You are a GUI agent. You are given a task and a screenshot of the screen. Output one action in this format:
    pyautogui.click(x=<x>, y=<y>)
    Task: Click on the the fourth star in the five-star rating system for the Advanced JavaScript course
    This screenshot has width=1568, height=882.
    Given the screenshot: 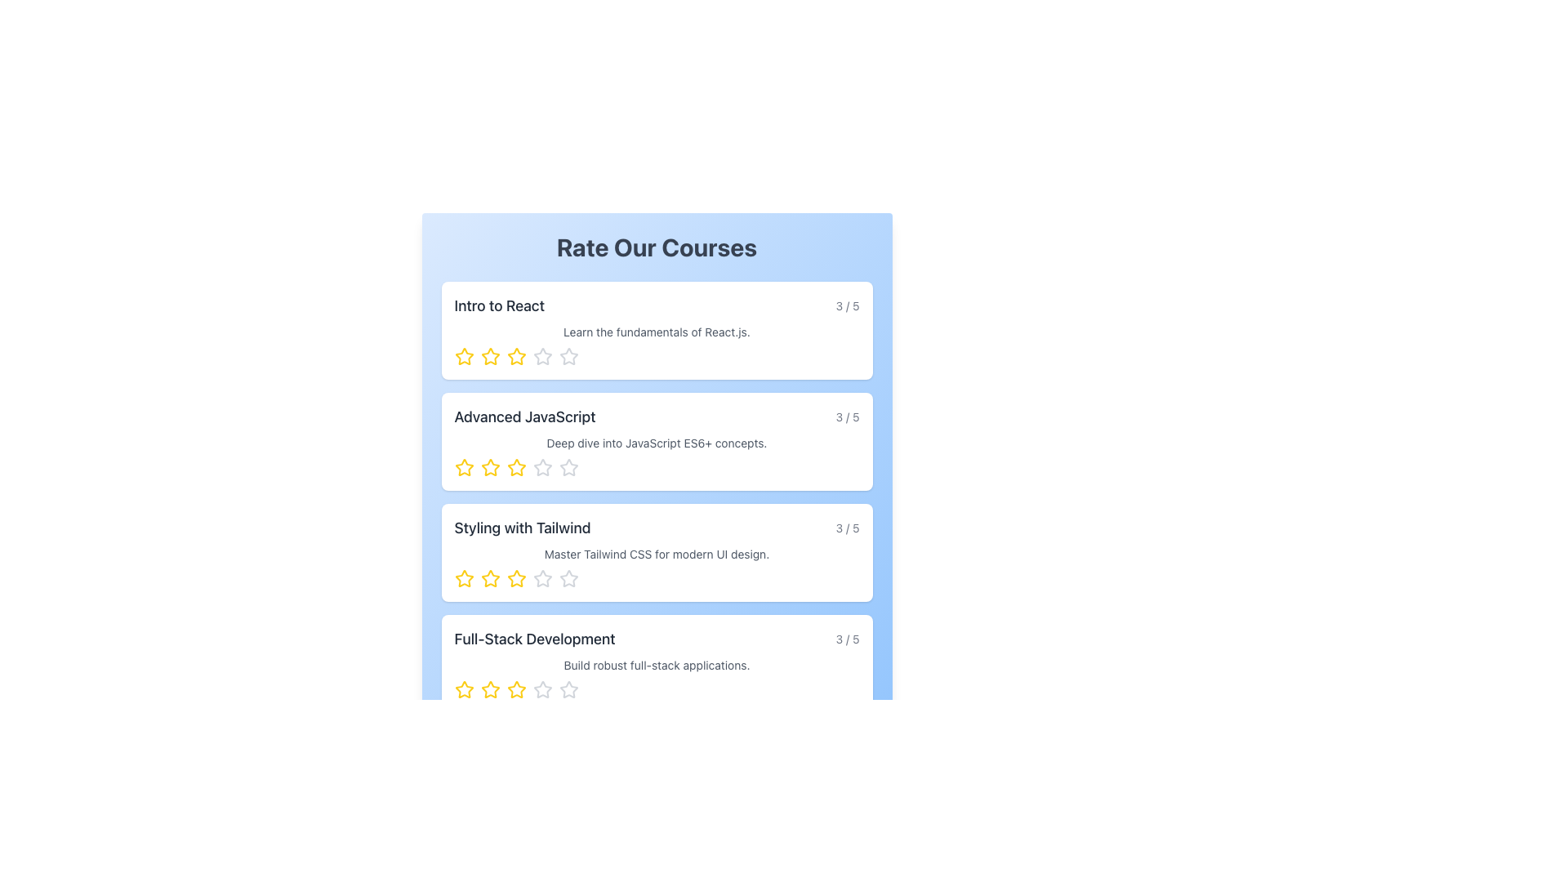 What is the action you would take?
    pyautogui.click(x=542, y=468)
    